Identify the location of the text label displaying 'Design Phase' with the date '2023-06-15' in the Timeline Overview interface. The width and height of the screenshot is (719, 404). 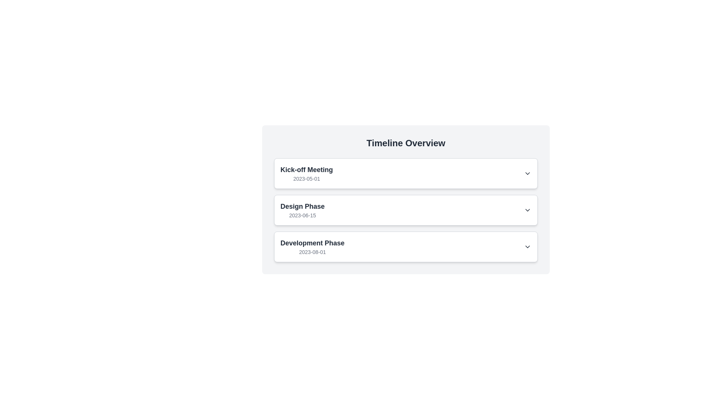
(302, 210).